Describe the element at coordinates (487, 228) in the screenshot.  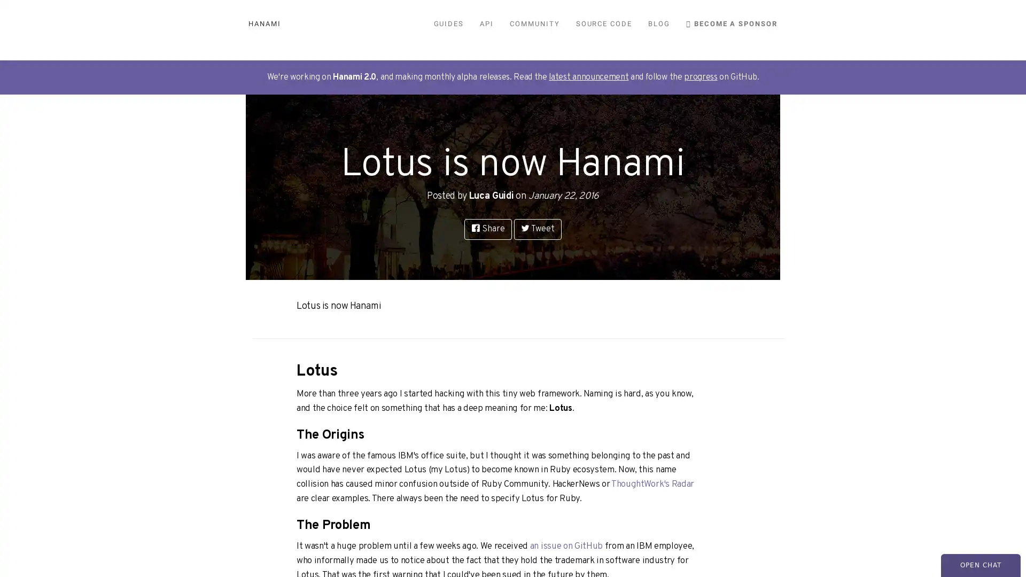
I see `Share` at that location.